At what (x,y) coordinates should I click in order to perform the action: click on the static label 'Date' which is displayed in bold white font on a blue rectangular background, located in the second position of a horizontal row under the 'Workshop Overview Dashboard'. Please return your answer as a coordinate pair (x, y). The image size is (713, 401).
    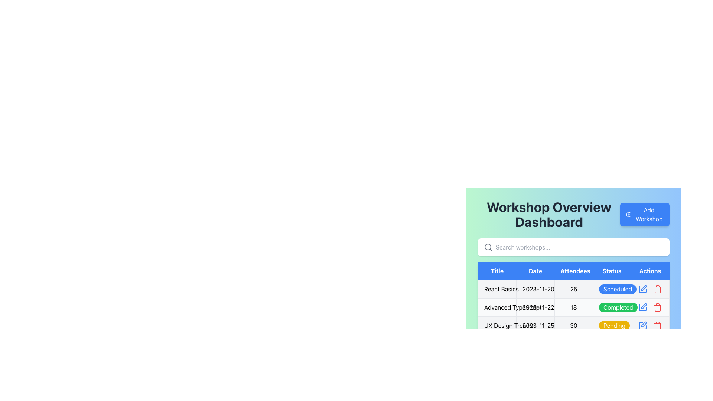
    Looking at the image, I should click on (535, 271).